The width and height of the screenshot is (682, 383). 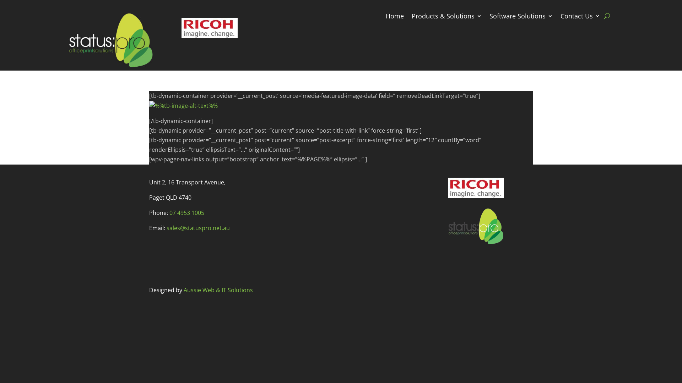 What do you see at coordinates (218, 290) in the screenshot?
I see `'Aussie Web & IT Solutions'` at bounding box center [218, 290].